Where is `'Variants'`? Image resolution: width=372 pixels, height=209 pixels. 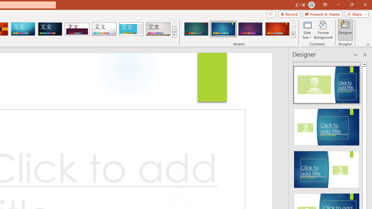 'Variants' is located at coordinates (293, 35).